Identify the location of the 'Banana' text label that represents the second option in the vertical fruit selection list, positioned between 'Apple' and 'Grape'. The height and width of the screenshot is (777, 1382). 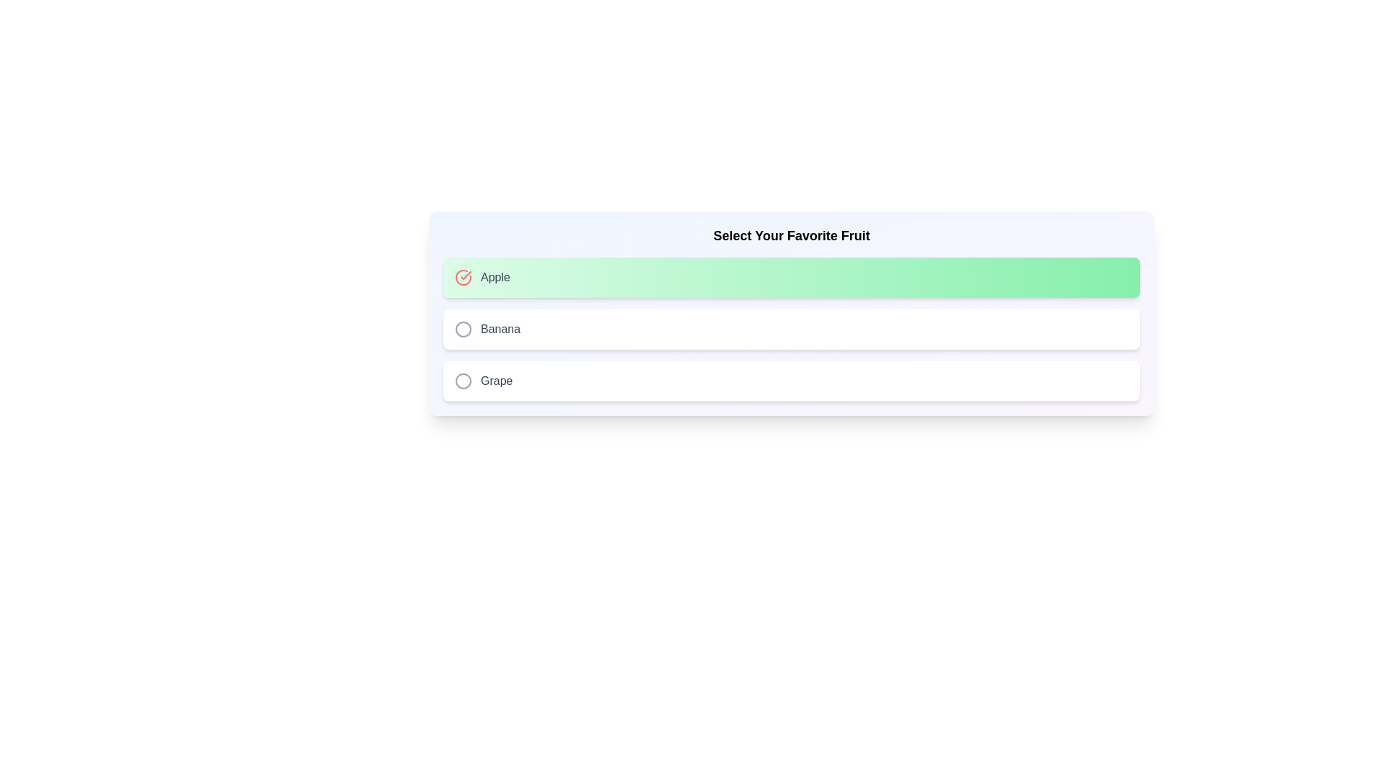
(500, 330).